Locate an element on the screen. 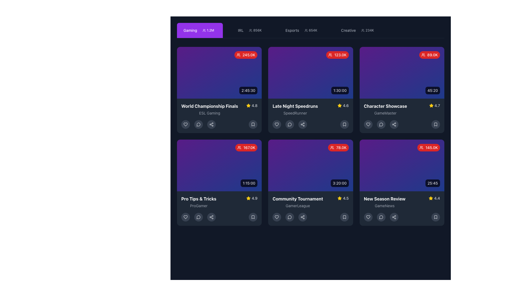  the small circular button with a dark gray background and a white chat bubble icon located in the bottom row of the 'Character Showcase' card is located at coordinates (381, 124).